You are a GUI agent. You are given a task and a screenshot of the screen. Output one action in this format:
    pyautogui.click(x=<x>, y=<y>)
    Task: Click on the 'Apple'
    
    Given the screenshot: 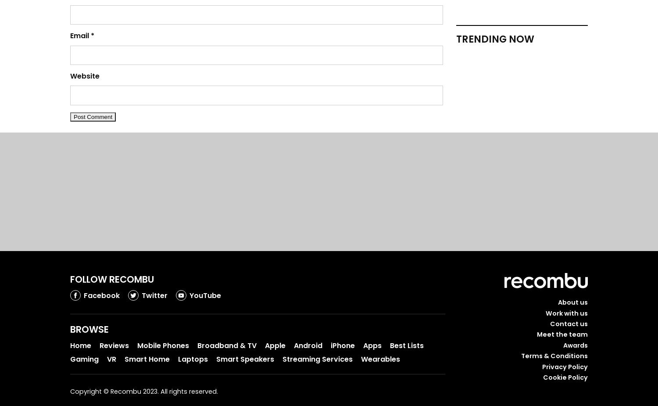 What is the action you would take?
    pyautogui.click(x=275, y=345)
    